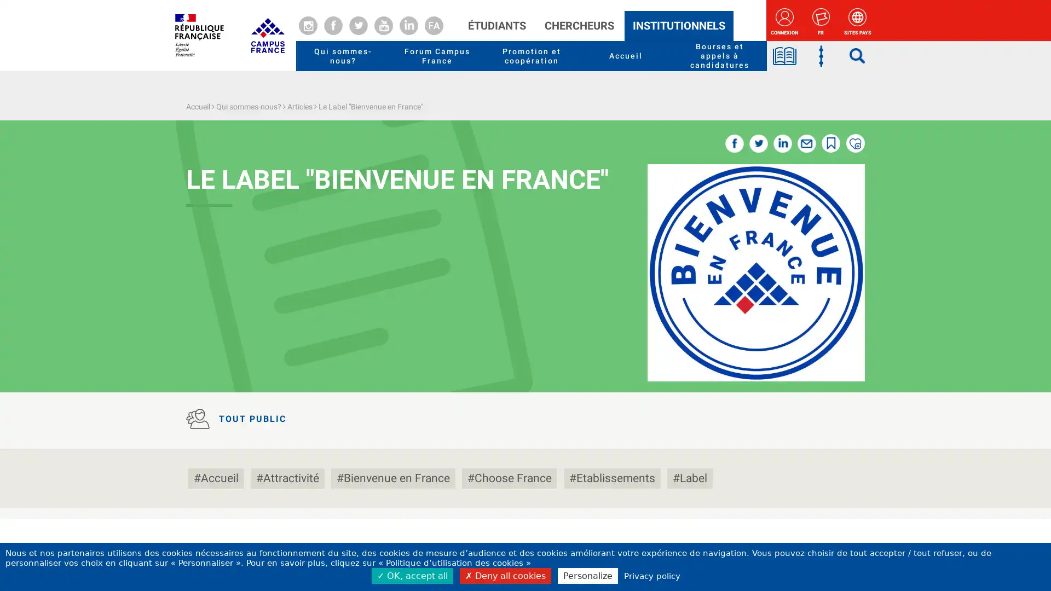 The image size is (1051, 591). Describe the element at coordinates (411, 575) in the screenshot. I see `OK, accept all` at that location.